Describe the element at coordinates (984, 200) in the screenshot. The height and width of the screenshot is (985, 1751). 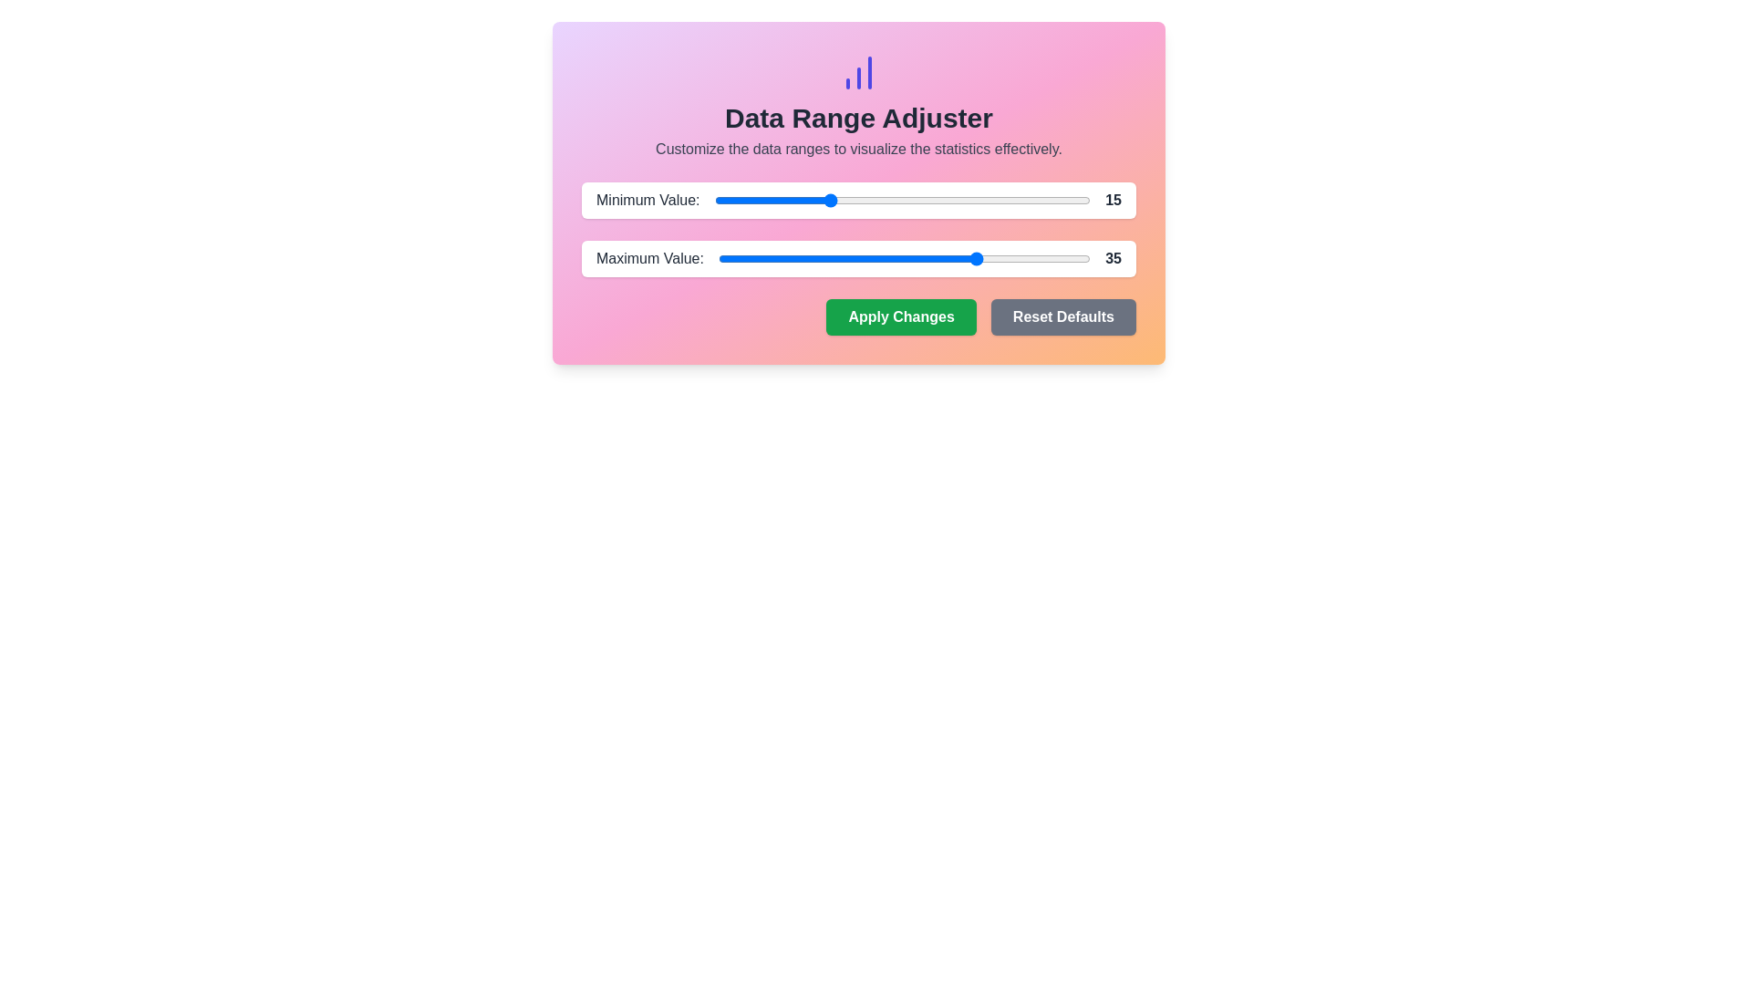
I see `the slider to set the range value to 36` at that location.